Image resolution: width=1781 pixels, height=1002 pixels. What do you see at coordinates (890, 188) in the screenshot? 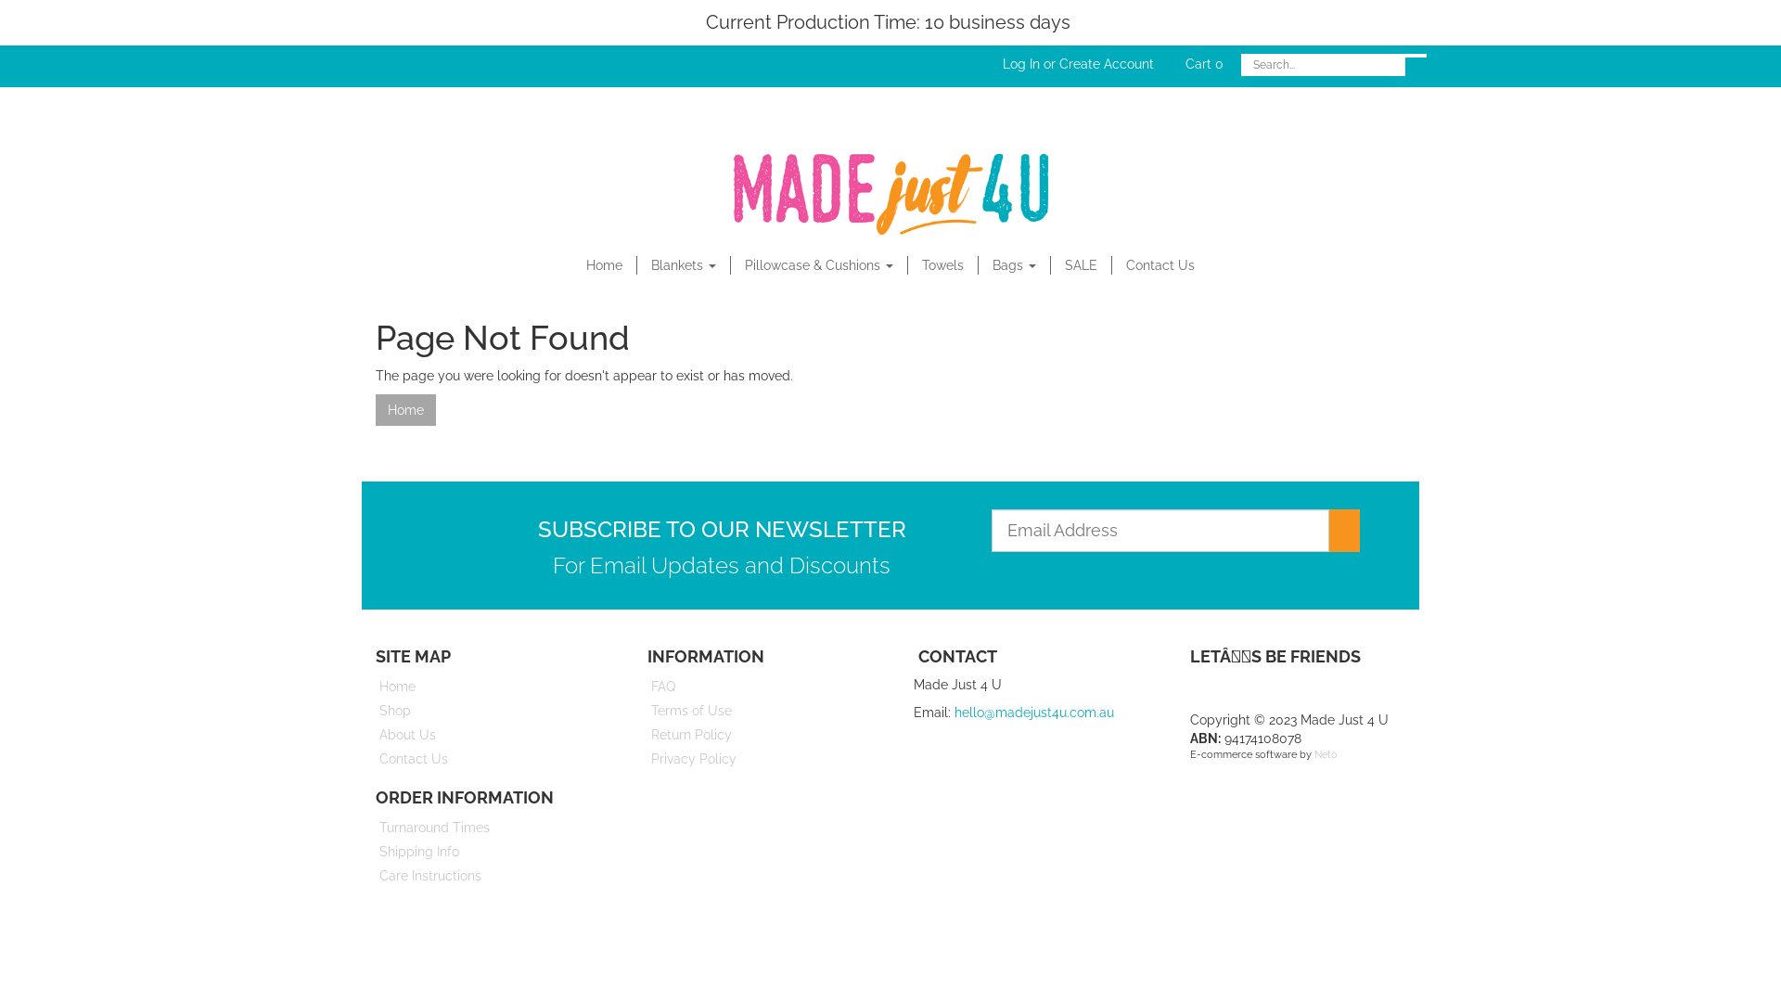
I see `'Made Just 4 U'` at bounding box center [890, 188].